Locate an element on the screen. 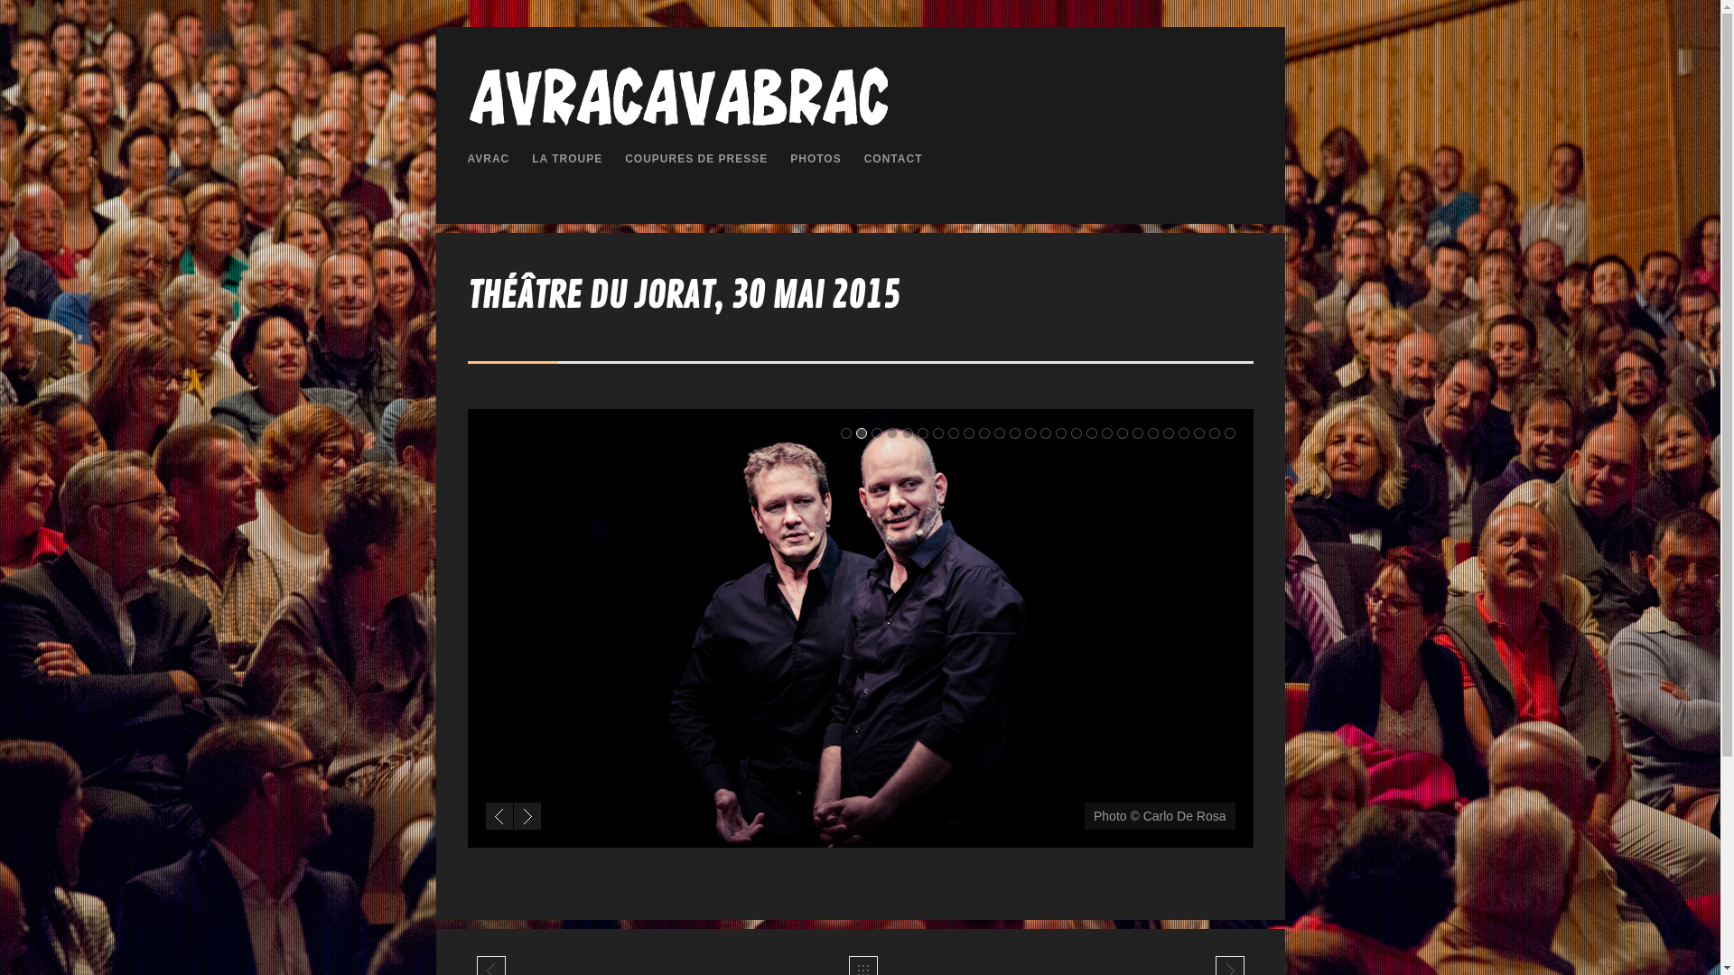 This screenshot has width=1734, height=975. '13' is located at coordinates (1030, 432).